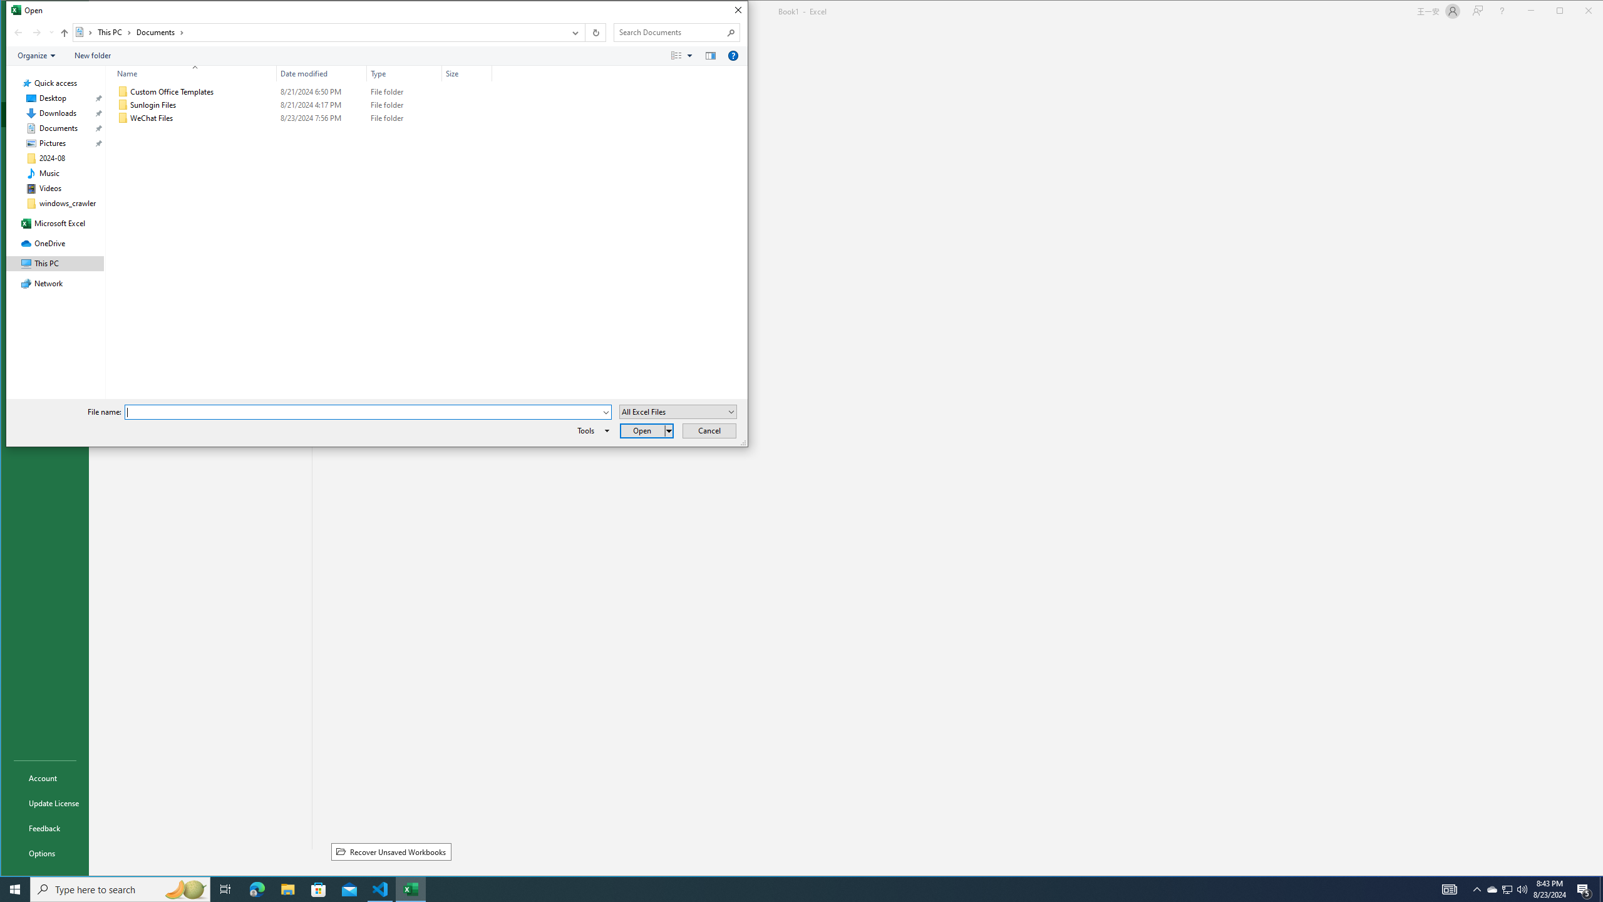 Image resolution: width=1603 pixels, height=902 pixels. What do you see at coordinates (51, 32) in the screenshot?
I see `'Recent locations'` at bounding box center [51, 32].